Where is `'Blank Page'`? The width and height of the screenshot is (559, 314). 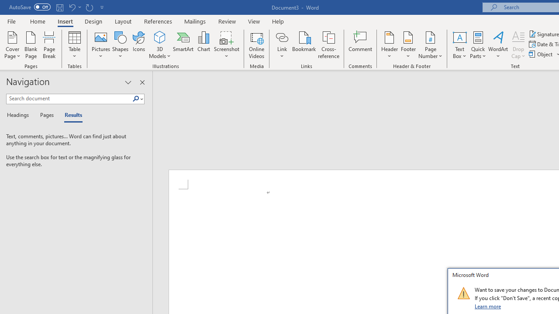
'Blank Page' is located at coordinates (31, 45).